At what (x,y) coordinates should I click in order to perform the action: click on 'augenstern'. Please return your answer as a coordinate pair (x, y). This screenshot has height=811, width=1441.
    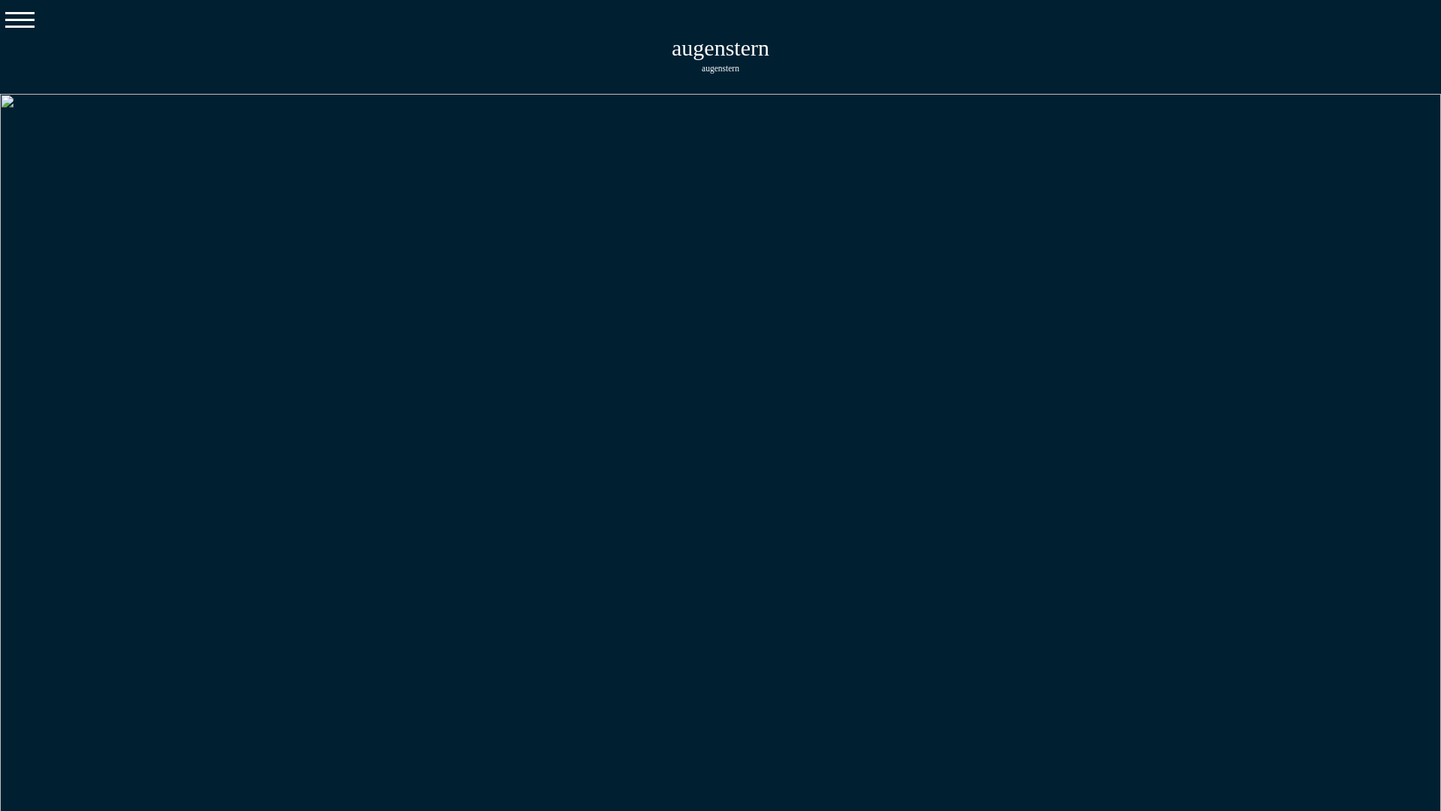
    Looking at the image, I should click on (670, 47).